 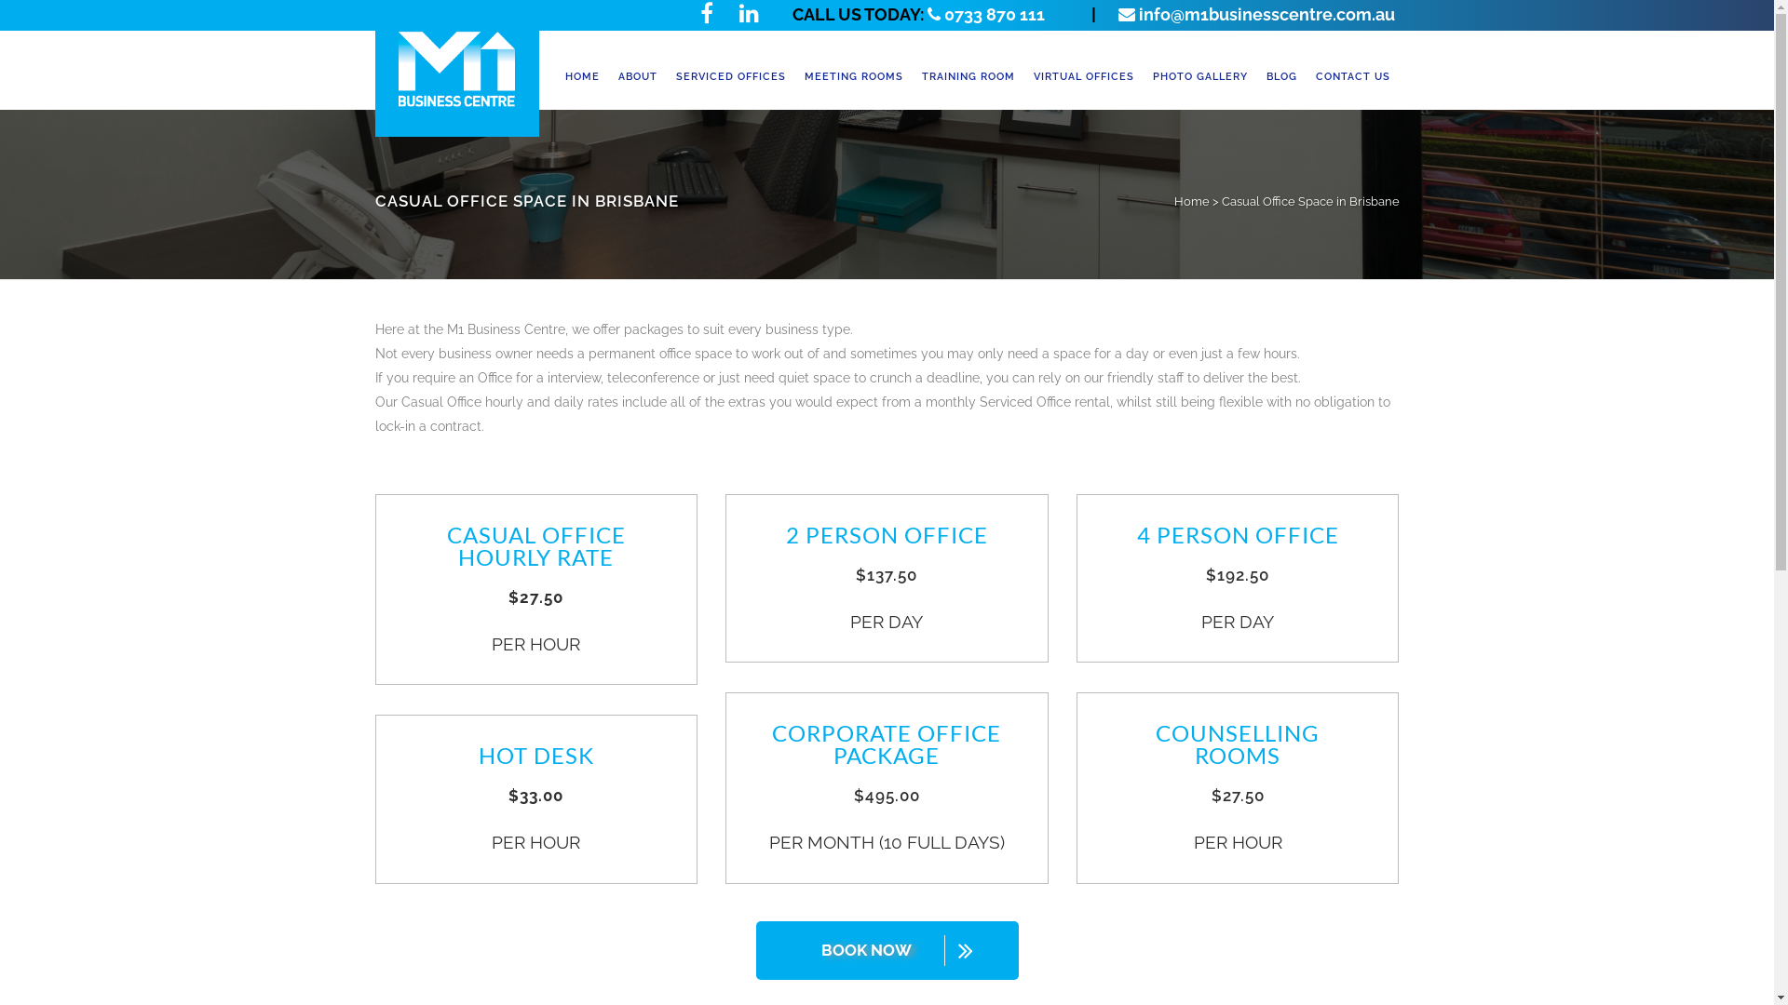 What do you see at coordinates (912, 76) in the screenshot?
I see `'TRAINING ROOM'` at bounding box center [912, 76].